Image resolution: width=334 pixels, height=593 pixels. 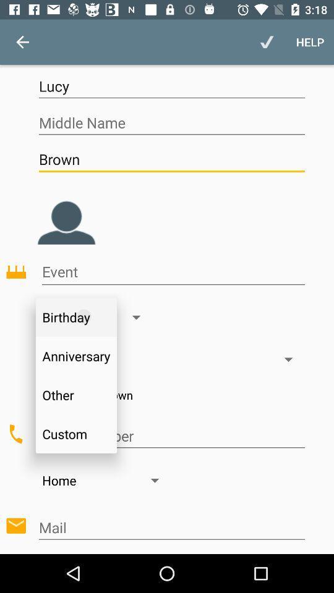 What do you see at coordinates (171, 436) in the screenshot?
I see `the icon below the year unknown item` at bounding box center [171, 436].